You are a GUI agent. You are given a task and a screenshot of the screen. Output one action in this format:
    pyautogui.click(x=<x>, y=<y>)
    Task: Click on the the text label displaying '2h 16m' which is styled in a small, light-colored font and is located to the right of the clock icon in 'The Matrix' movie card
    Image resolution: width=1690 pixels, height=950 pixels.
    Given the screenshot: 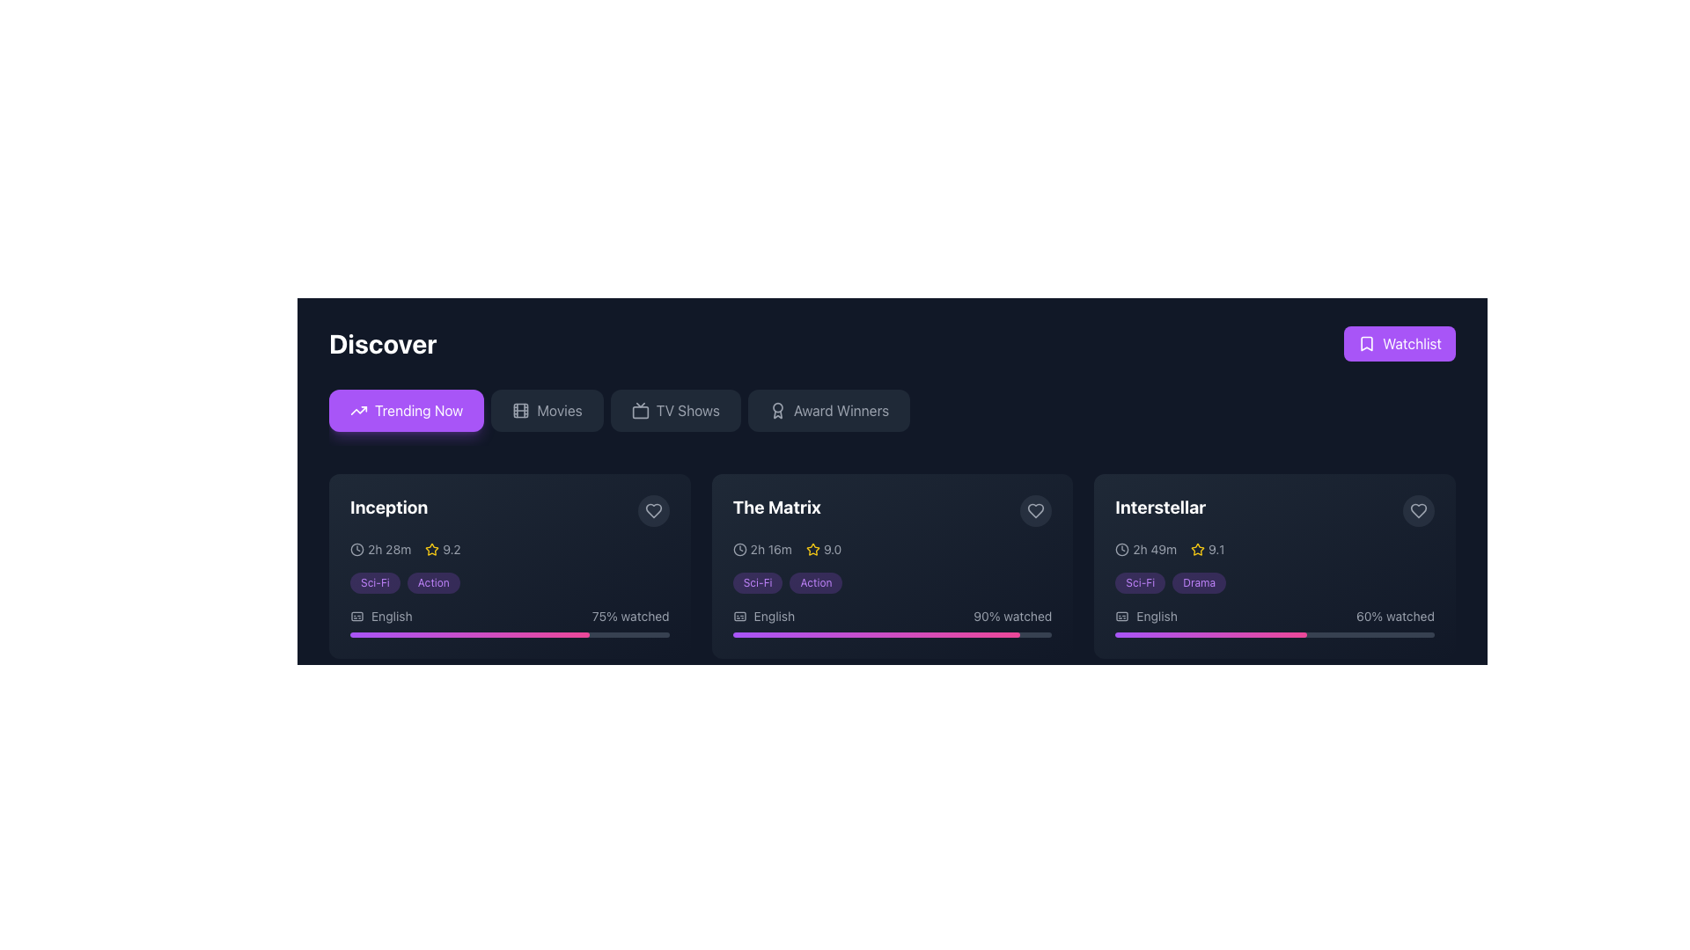 What is the action you would take?
    pyautogui.click(x=771, y=548)
    